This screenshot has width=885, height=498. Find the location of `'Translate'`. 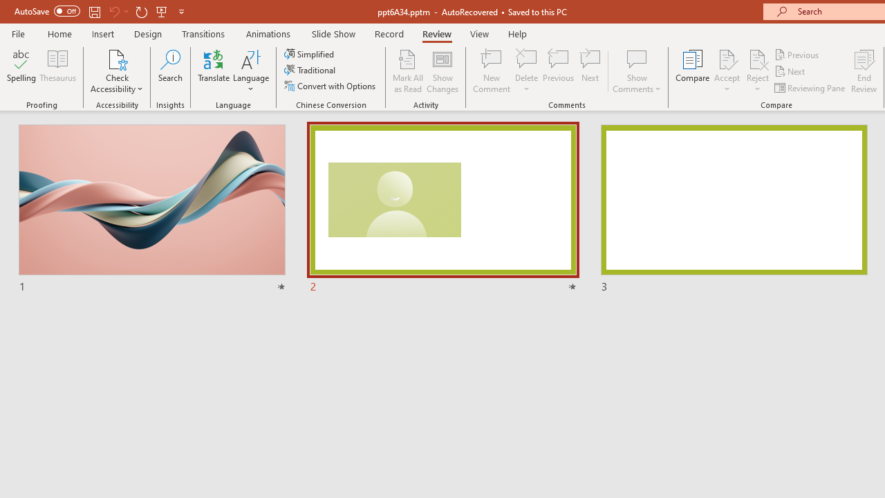

'Translate' is located at coordinates (213, 71).